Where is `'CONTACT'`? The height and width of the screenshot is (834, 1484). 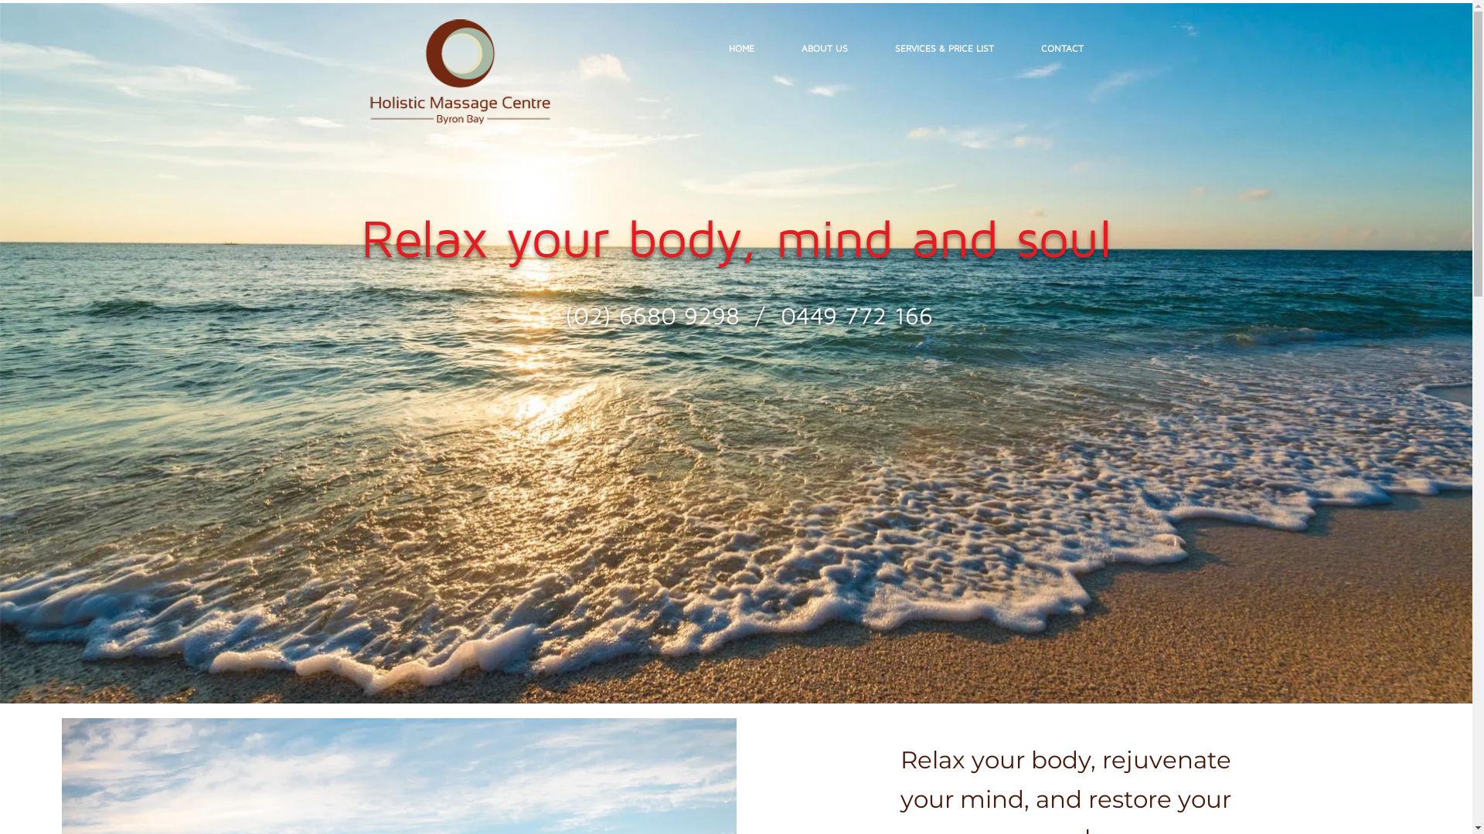 'CONTACT' is located at coordinates (1060, 47).